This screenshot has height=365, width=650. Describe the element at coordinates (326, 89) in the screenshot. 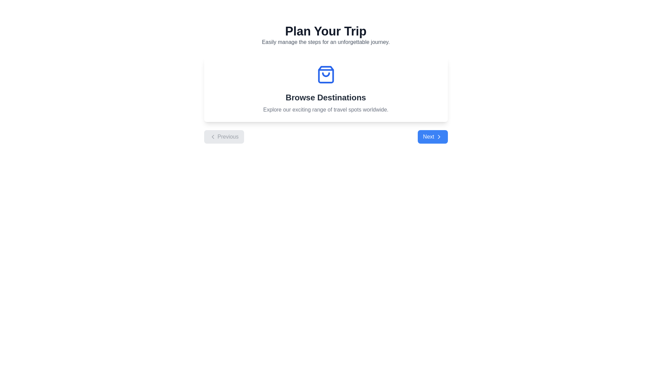

I see `the Card Component that introduces users to browsing travel destinations, located in the middle section of the page under the subtitle 'Easily manage the steps for an unforgettable journey.'` at that location.